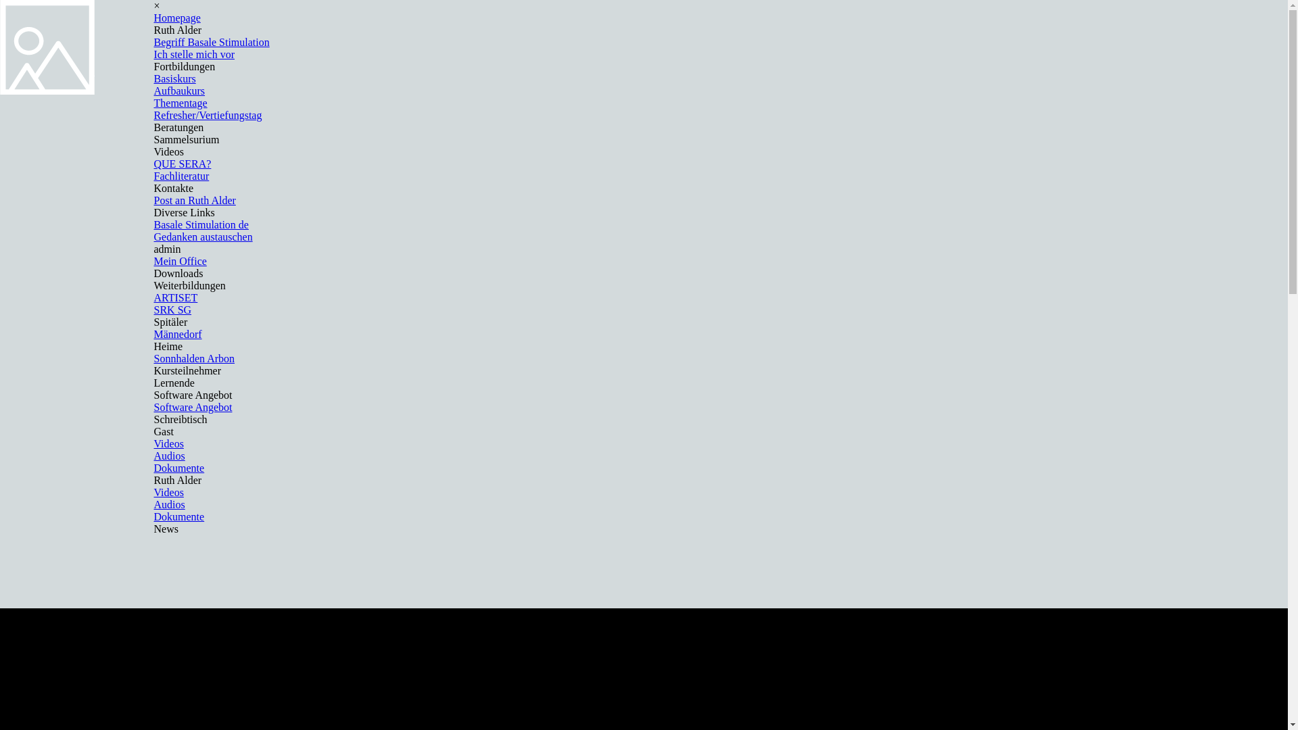 The height and width of the screenshot is (730, 1298). Describe the element at coordinates (194, 358) in the screenshot. I see `'Sonnhalden Arbon'` at that location.